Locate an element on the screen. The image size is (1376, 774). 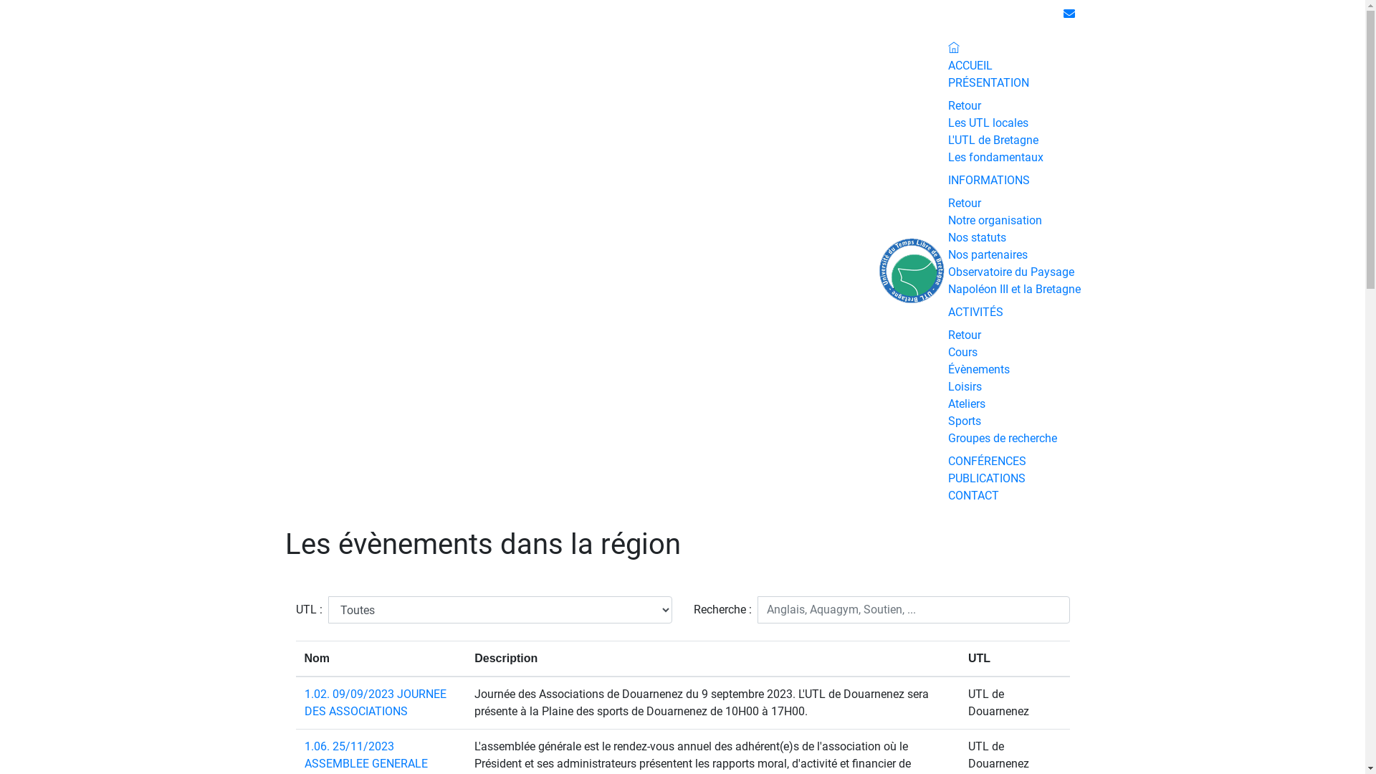
'Nos statuts' is located at coordinates (947, 236).